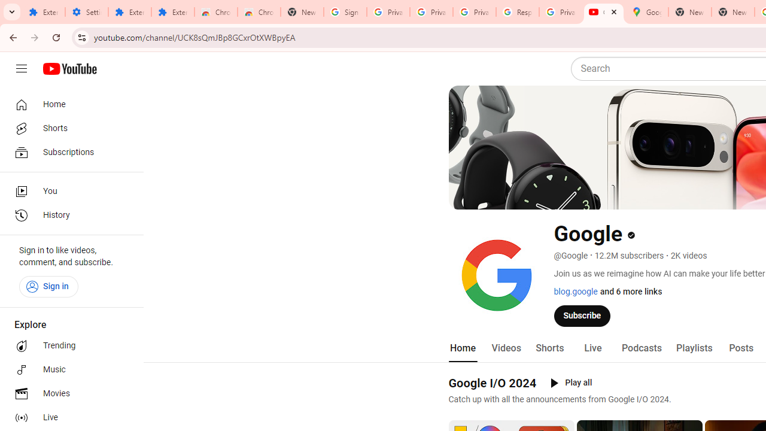  What do you see at coordinates (172, 12) in the screenshot?
I see `'Extensions'` at bounding box center [172, 12].